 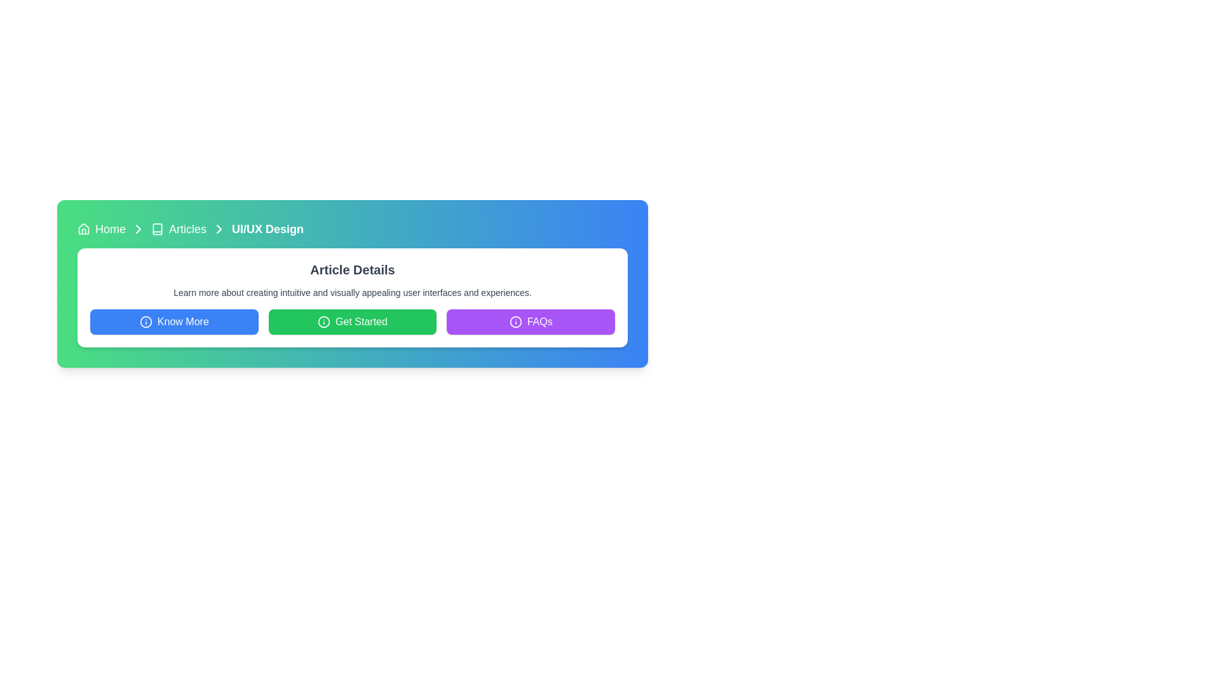 I want to click on the 'Get Started' button, which contains an information icon styled with thin lines and a green background, located beneath the 'Article Details' header, so click(x=324, y=321).